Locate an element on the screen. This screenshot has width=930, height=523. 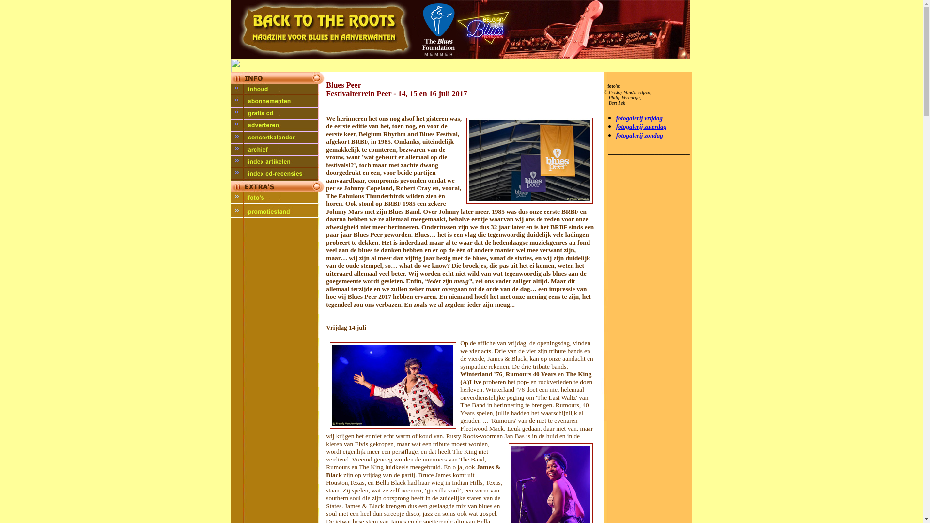
'fotogalerij vrijdag' is located at coordinates (616, 117).